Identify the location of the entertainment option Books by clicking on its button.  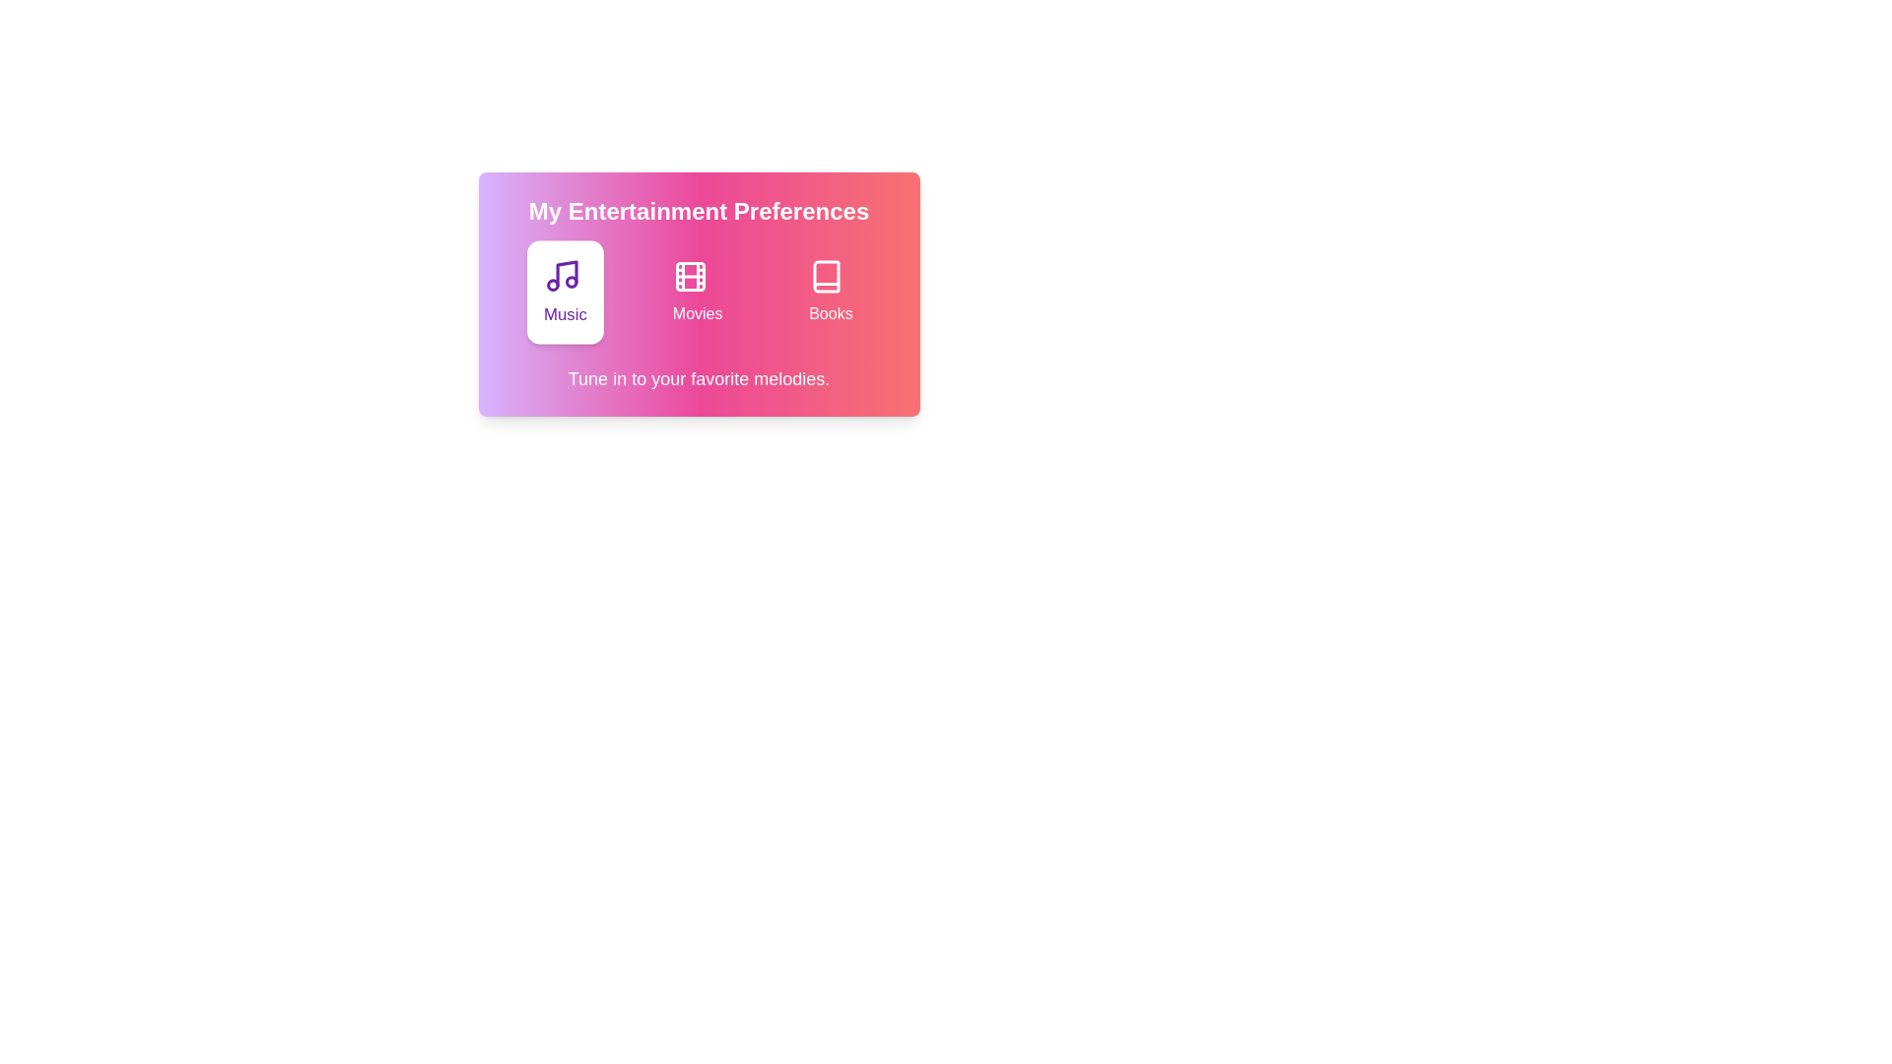
(831, 293).